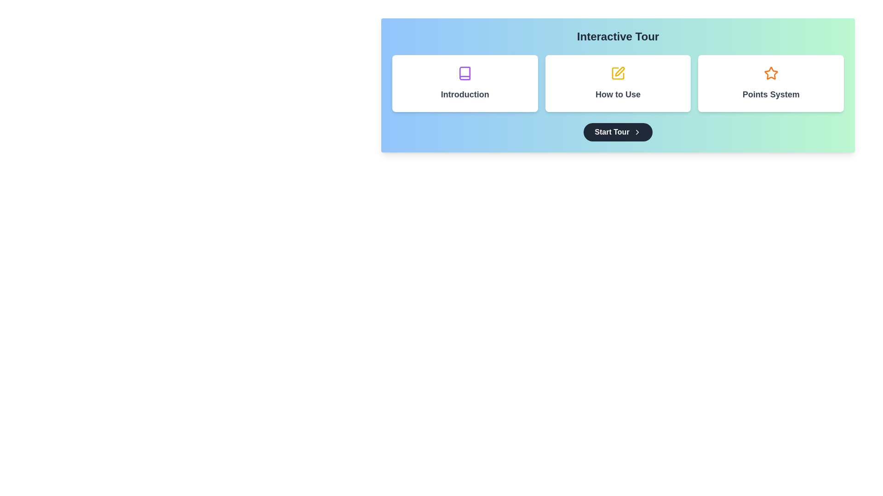 The image size is (883, 496). I want to click on the button labeled 'Introduction' which is the first card in a row of three cards under the heading 'Interactive Tour', so click(465, 83).